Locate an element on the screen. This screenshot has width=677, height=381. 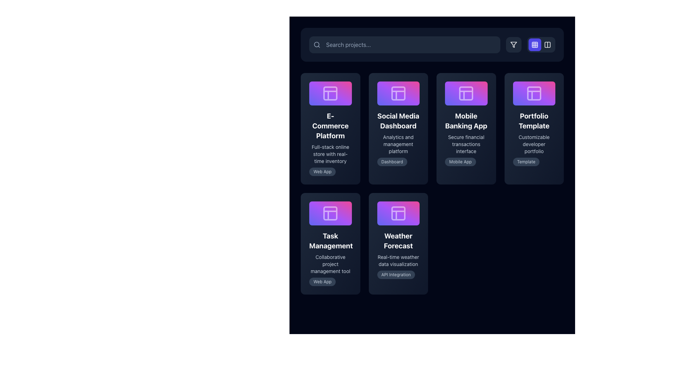
the badge-like tag located at the bottom center of the 'Social Media Dashboard' card to interact with it is located at coordinates (392, 162).